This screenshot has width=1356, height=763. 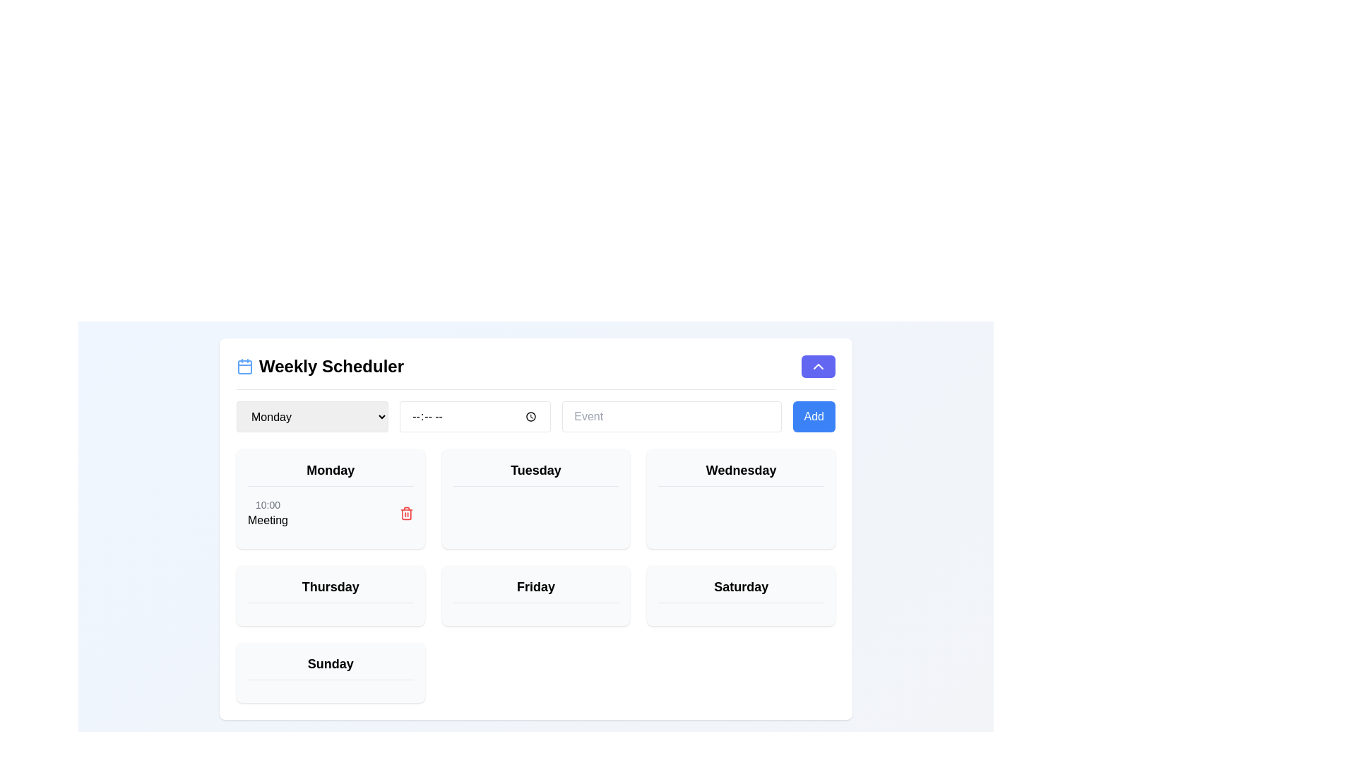 What do you see at coordinates (268, 520) in the screenshot?
I see `the text descriptor for the event scheduled at '10:00' on Monday, located in the Monday section of the weekly scheduling interface` at bounding box center [268, 520].